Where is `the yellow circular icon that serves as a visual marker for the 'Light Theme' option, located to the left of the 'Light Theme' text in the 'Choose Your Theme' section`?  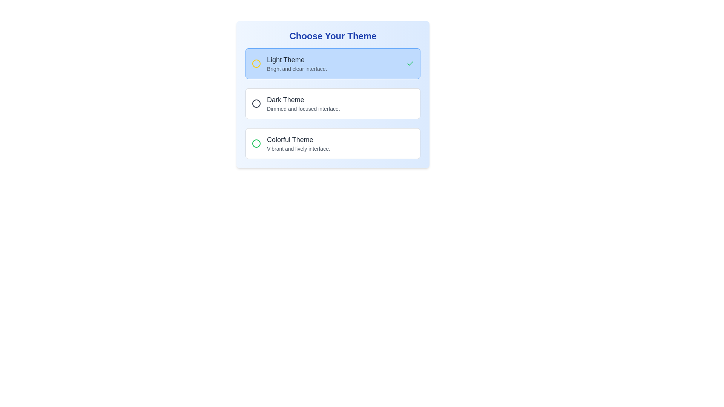 the yellow circular icon that serves as a visual marker for the 'Light Theme' option, located to the left of the 'Light Theme' text in the 'Choose Your Theme' section is located at coordinates (256, 63).